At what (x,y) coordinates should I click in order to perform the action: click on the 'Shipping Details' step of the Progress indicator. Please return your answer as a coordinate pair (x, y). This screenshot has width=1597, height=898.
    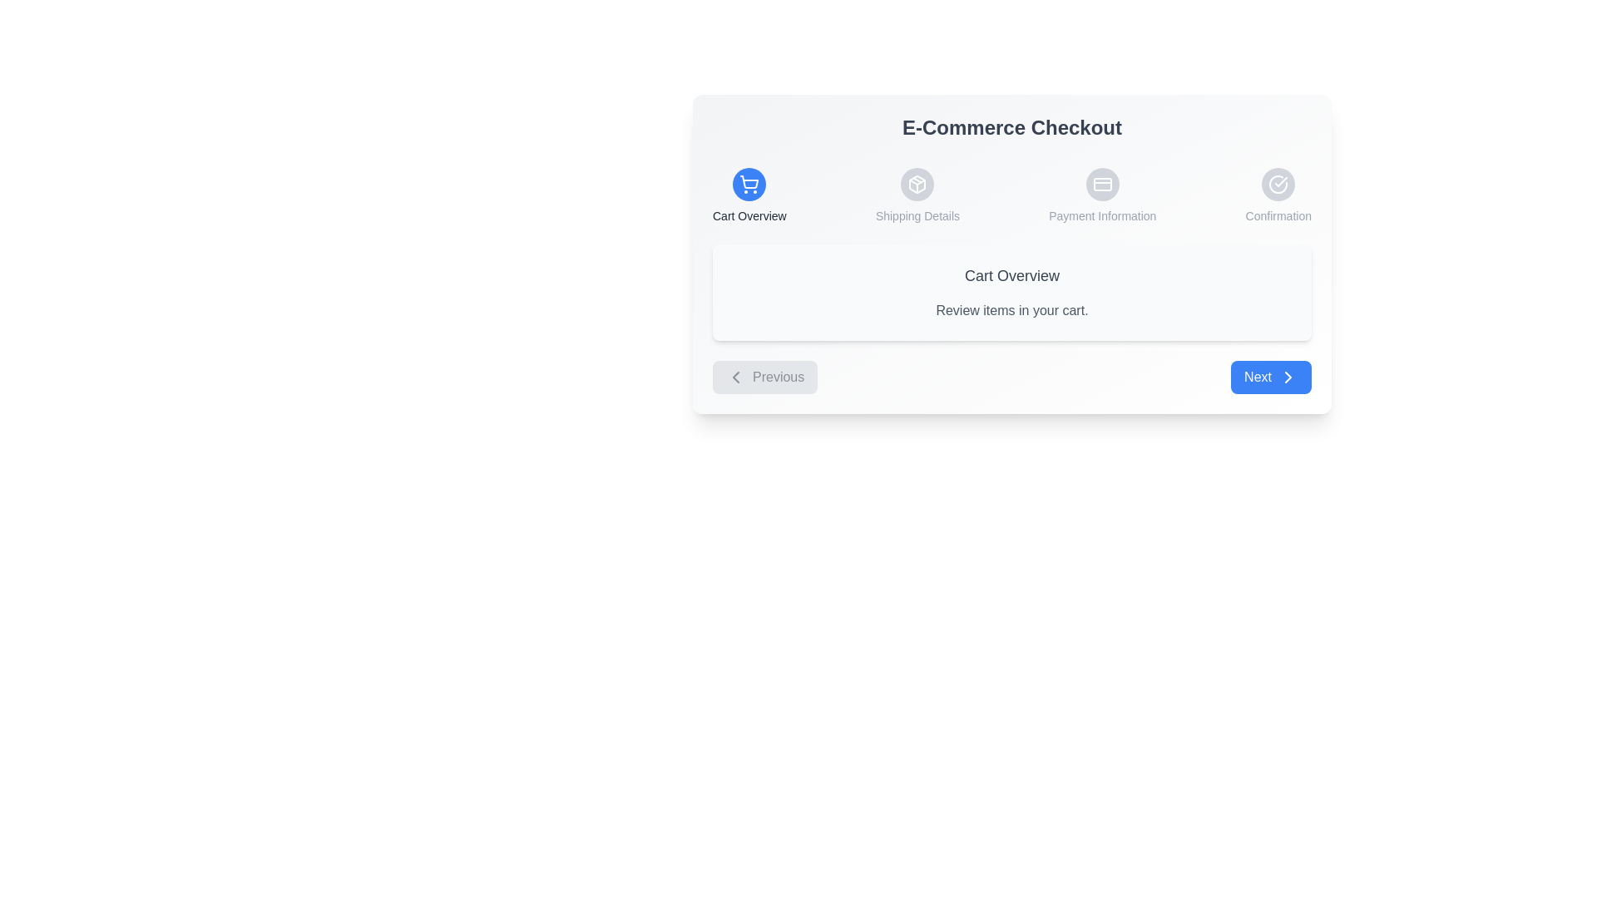
    Looking at the image, I should click on (1011, 195).